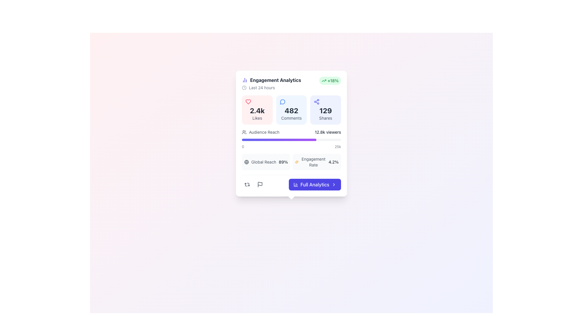  Describe the element at coordinates (244, 88) in the screenshot. I see `the circular clock icon located to the left of the text 'Last 24 hours' within the 'Engagement Analytics' card` at that location.